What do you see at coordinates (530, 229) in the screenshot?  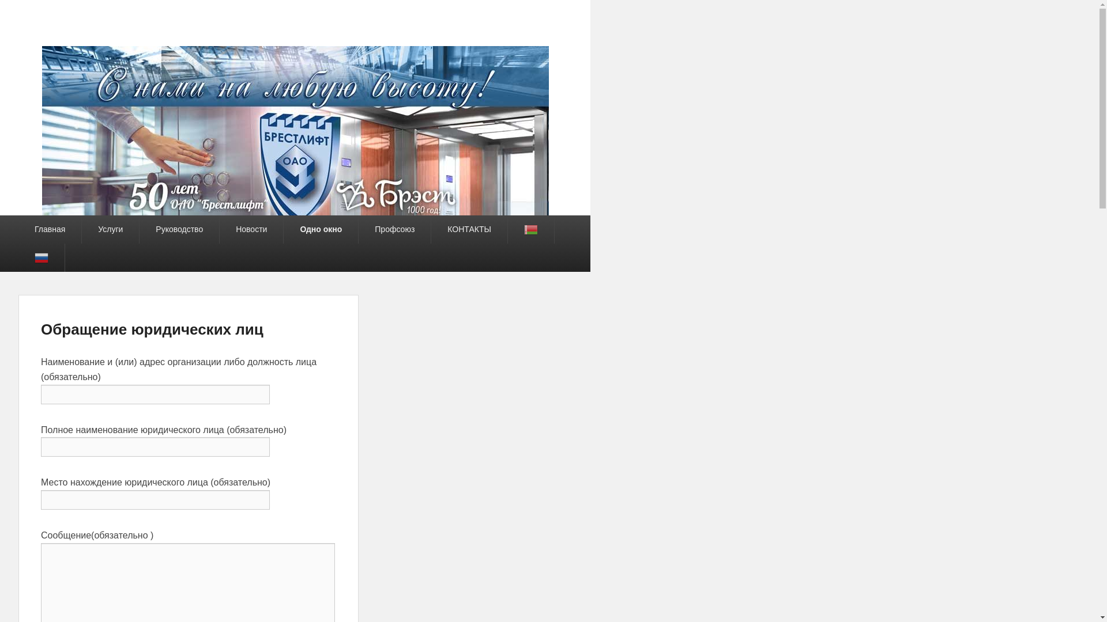 I see `'Belarusian'` at bounding box center [530, 229].